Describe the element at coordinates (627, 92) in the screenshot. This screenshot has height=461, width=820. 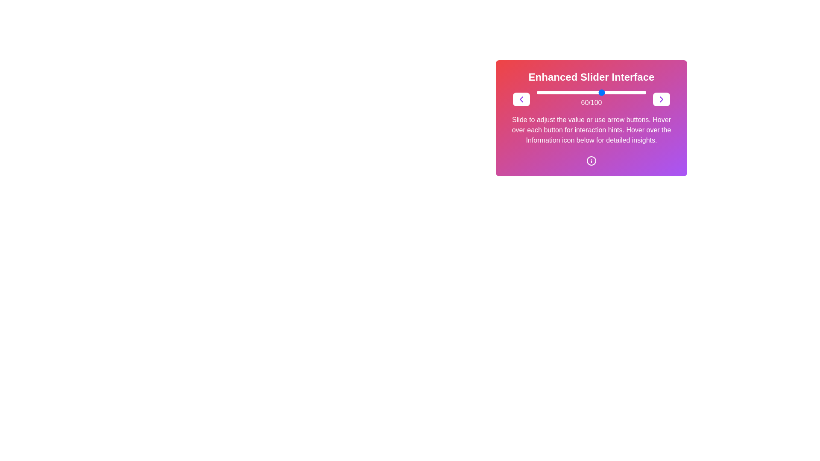
I see `the slider value` at that location.